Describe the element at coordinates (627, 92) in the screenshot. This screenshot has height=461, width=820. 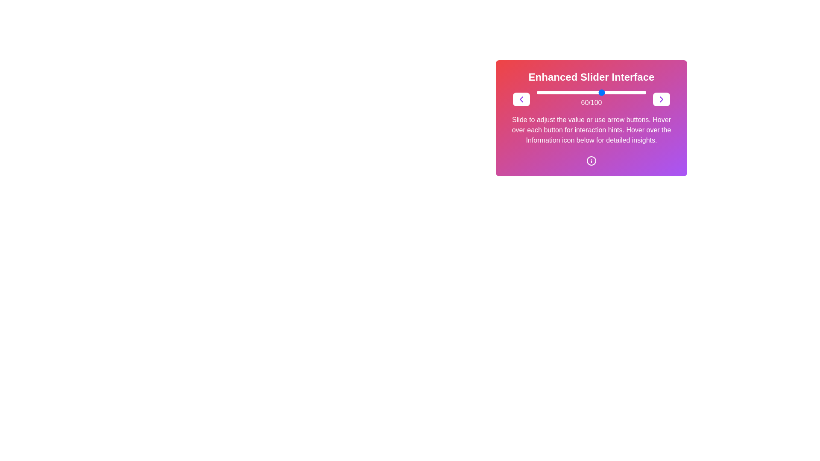
I see `the slider value` at that location.